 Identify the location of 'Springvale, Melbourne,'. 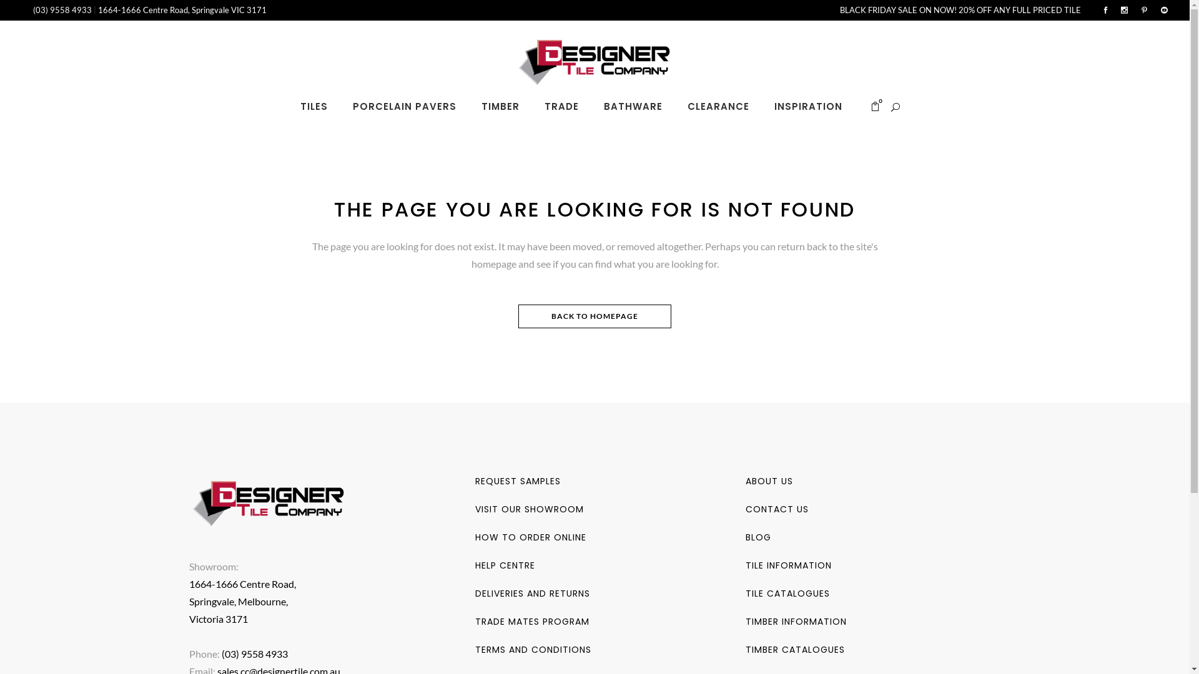
(237, 600).